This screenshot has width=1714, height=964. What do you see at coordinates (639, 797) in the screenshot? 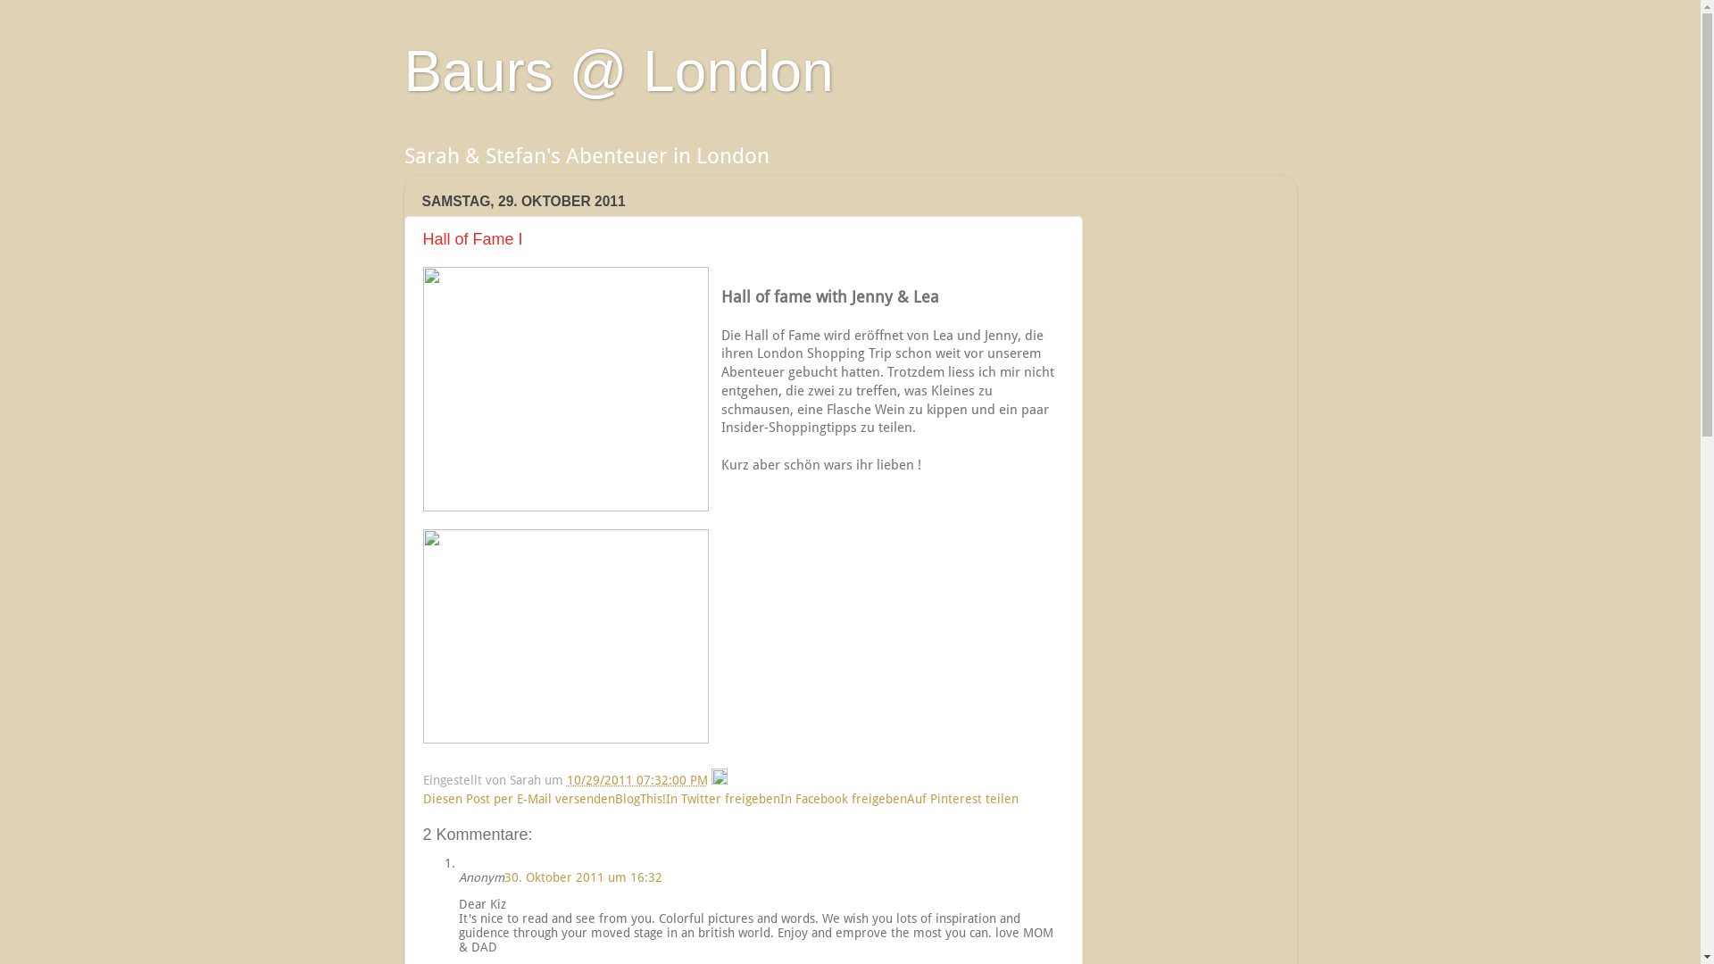
I see `'BlogThis!'` at bounding box center [639, 797].